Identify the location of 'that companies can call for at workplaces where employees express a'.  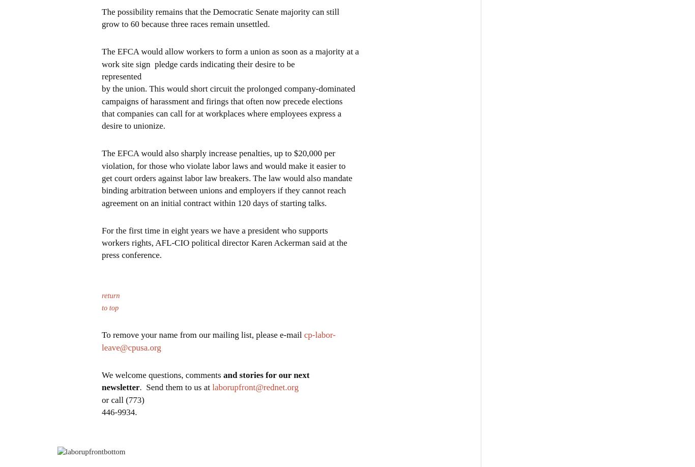
(221, 113).